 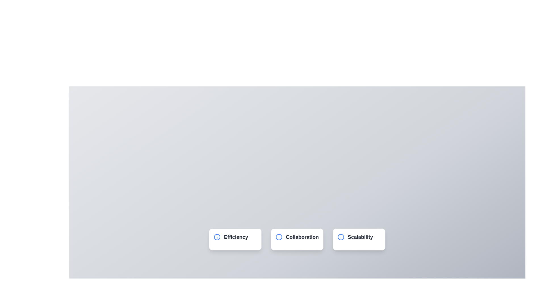 I want to click on the 'Efficiency' Informational Panel located in the first column of the grid layout to interact with it, so click(x=235, y=239).